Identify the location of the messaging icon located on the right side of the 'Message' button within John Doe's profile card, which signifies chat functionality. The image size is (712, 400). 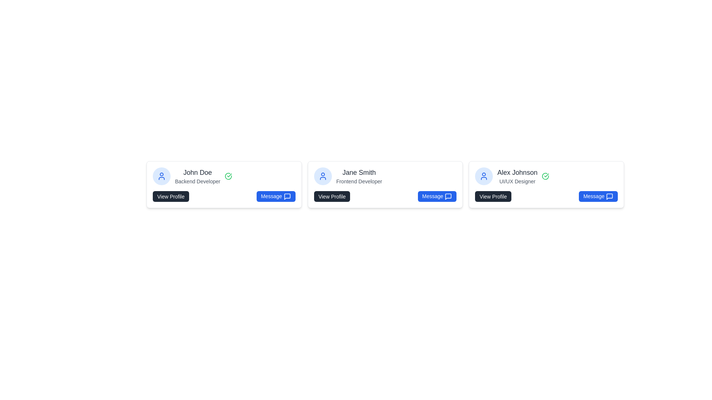
(287, 196).